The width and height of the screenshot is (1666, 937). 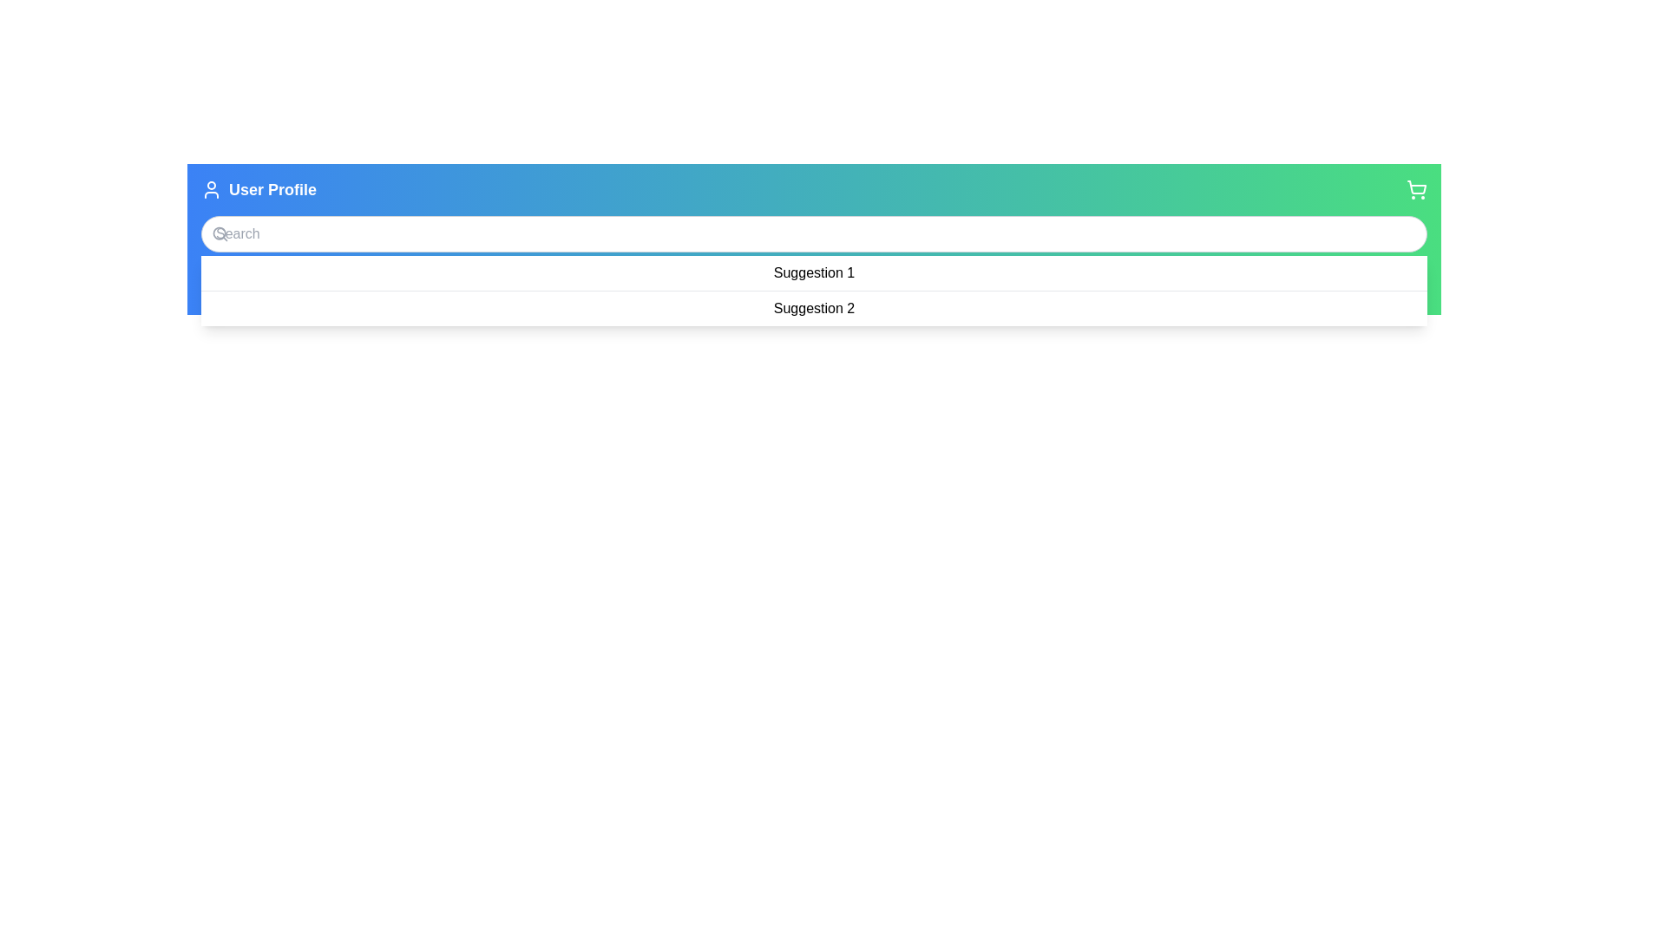 What do you see at coordinates (813, 307) in the screenshot?
I see `the 'Suggestion 2' option in the dropdown suggestion list` at bounding box center [813, 307].